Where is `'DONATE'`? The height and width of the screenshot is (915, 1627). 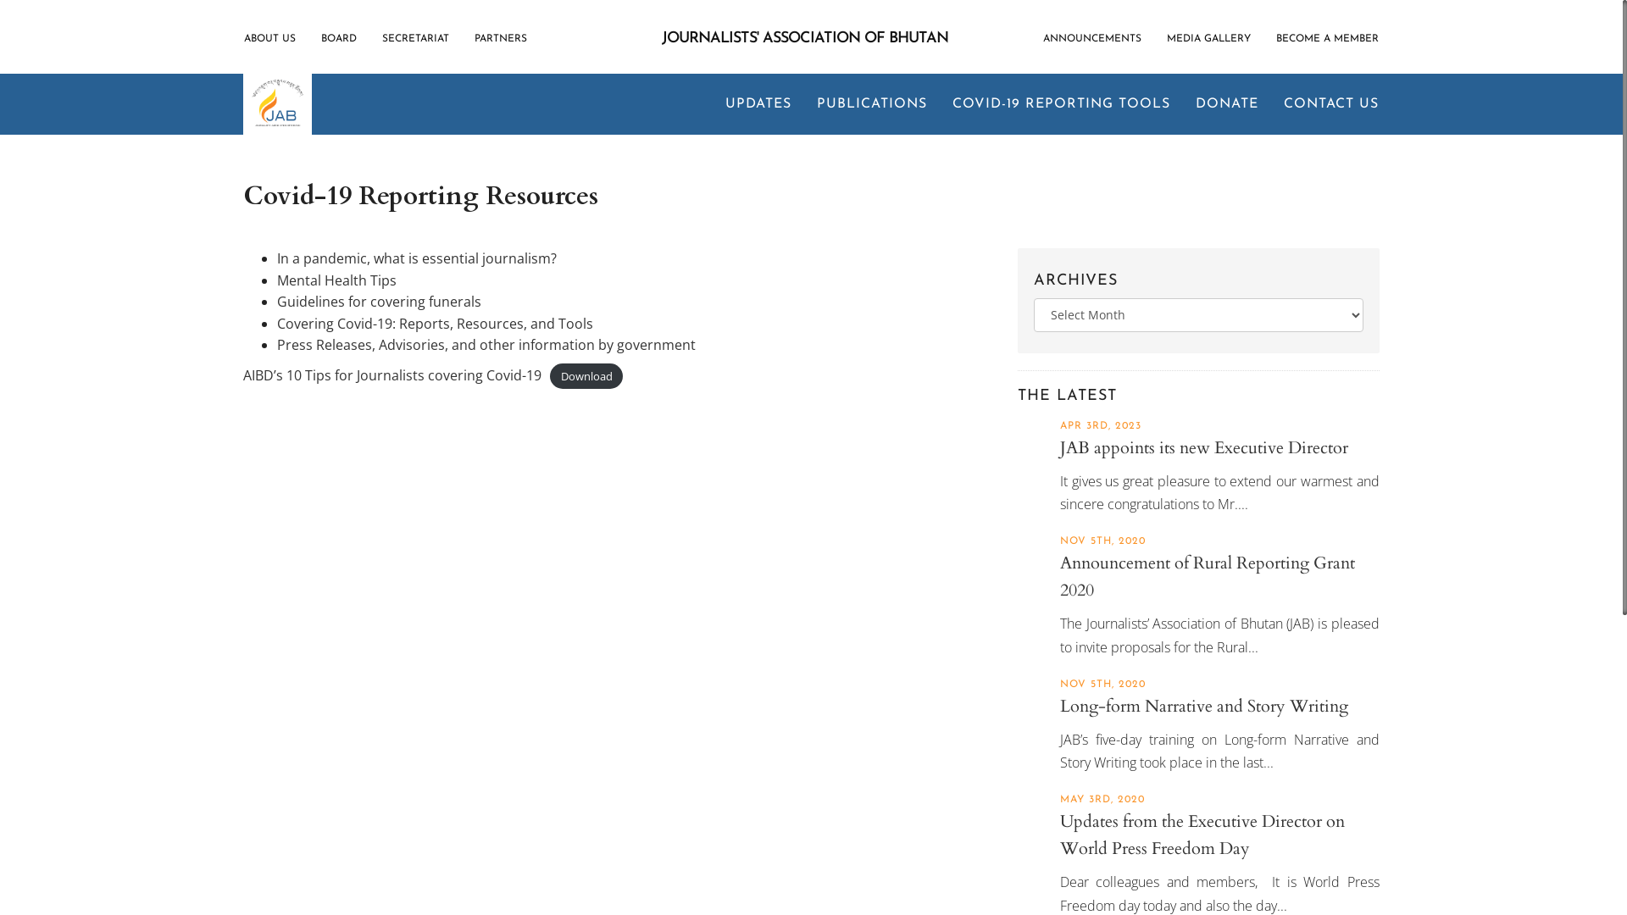 'DONATE' is located at coordinates (1227, 104).